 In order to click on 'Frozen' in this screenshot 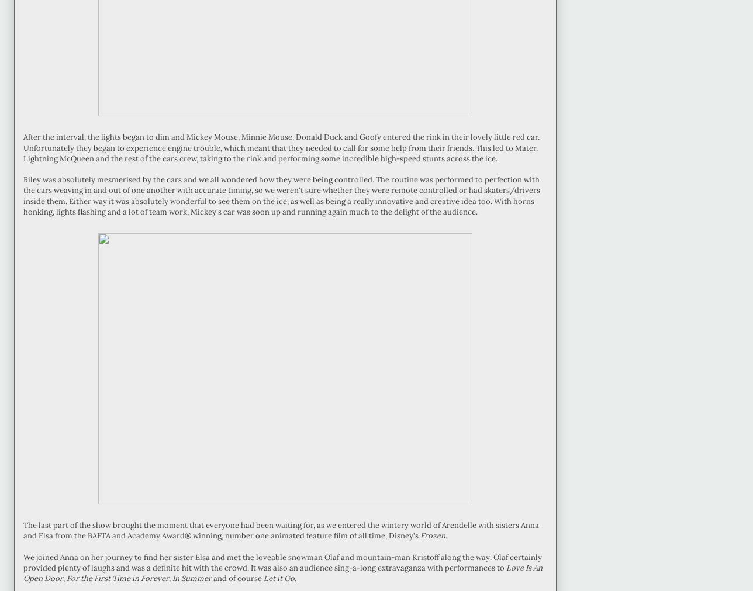, I will do `click(433, 535)`.